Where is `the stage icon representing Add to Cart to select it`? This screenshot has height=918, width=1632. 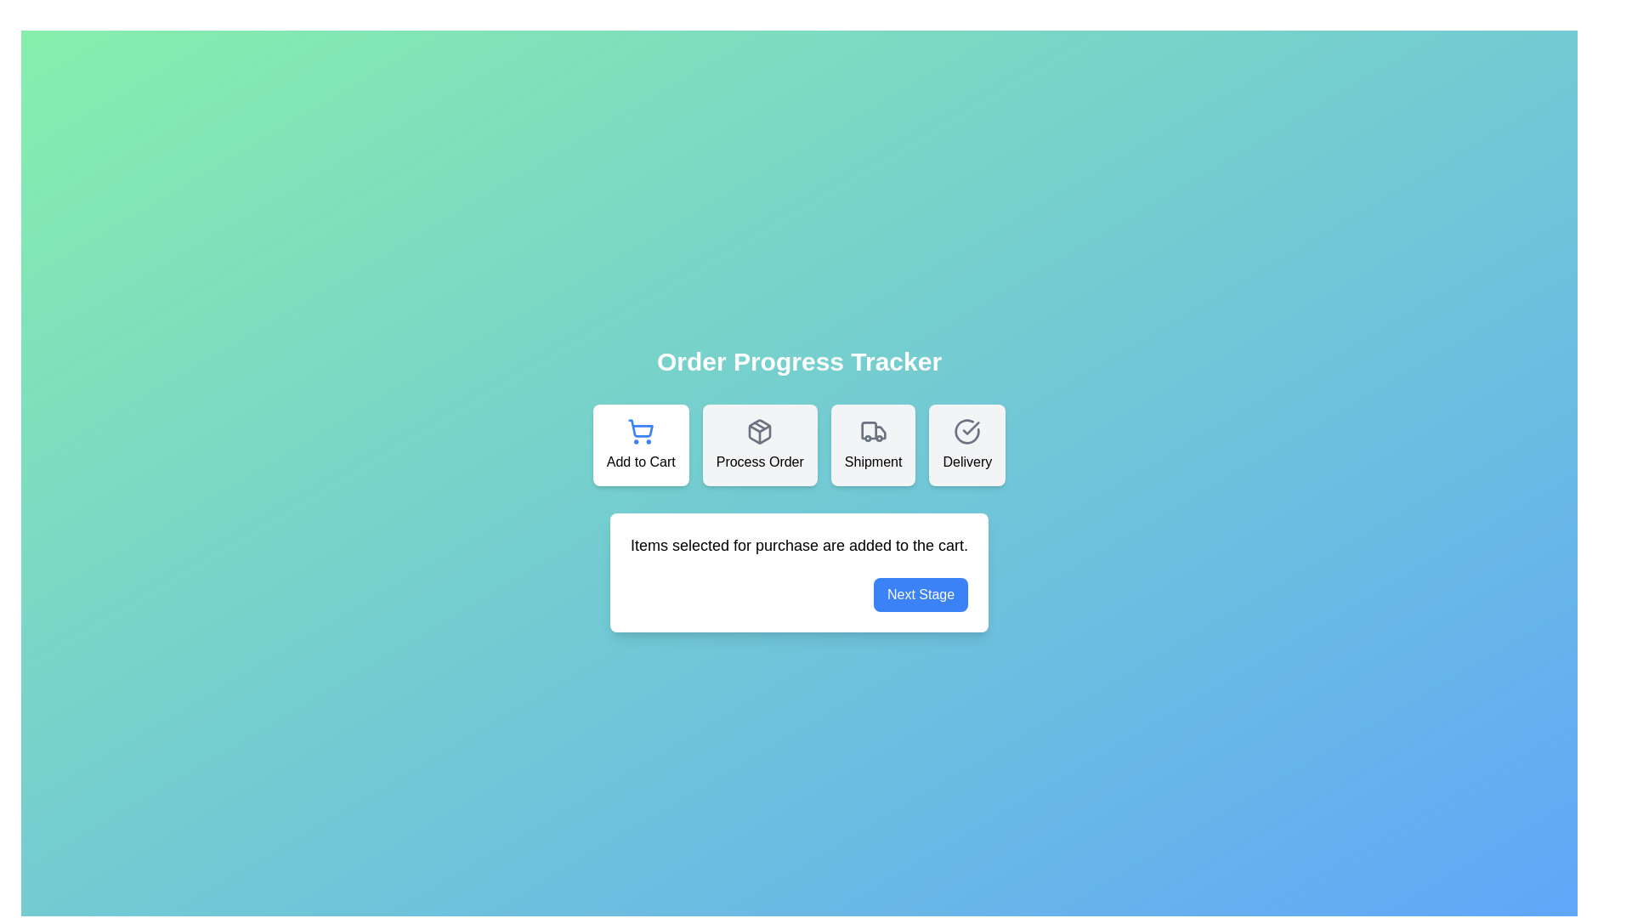
the stage icon representing Add to Cart to select it is located at coordinates (639, 445).